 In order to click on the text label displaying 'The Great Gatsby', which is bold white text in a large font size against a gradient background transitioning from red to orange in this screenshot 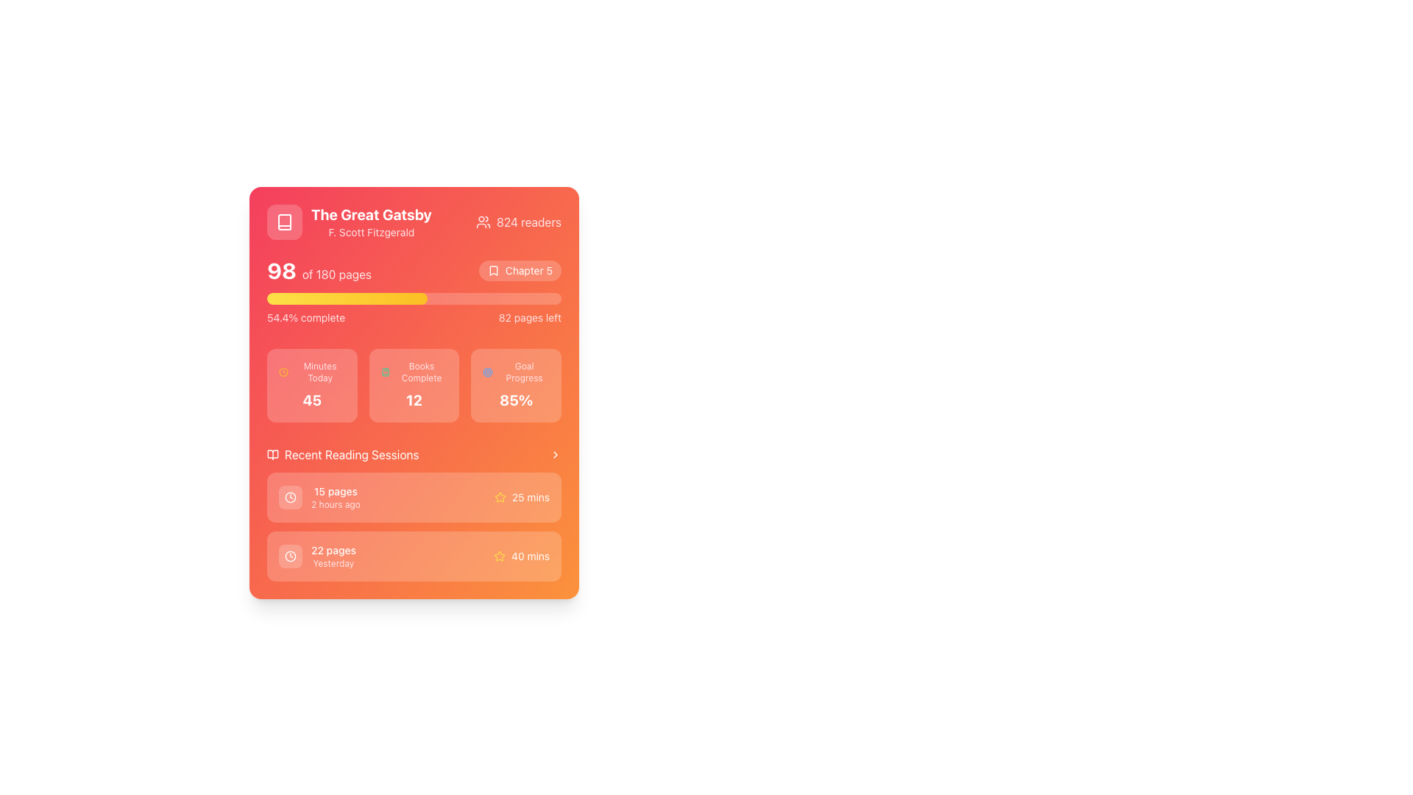, I will do `click(371, 215)`.